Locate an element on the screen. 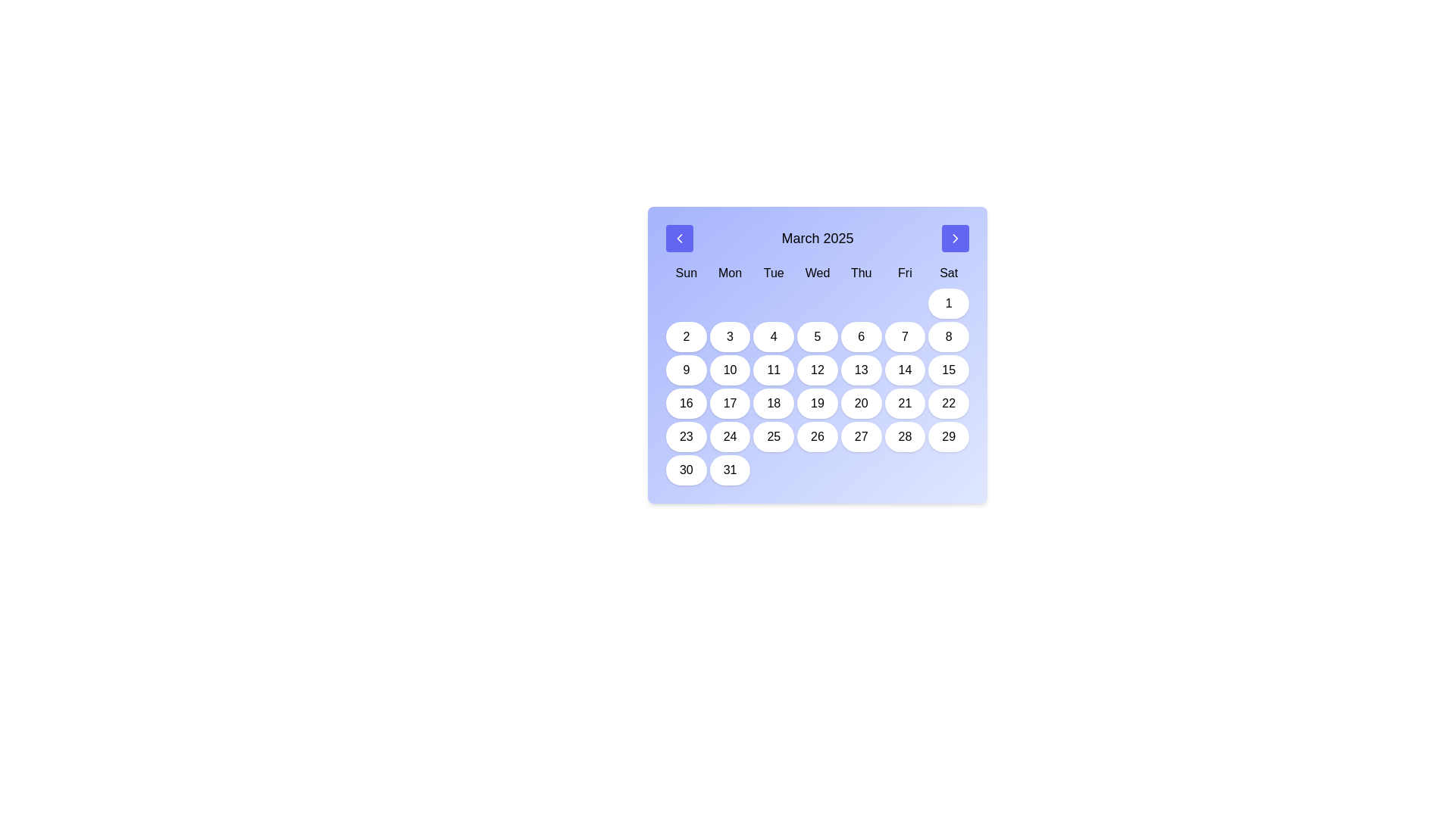 This screenshot has height=818, width=1455. the circular button with the number '11' in bold black text, which changes to an indigo background upon hover is located at coordinates (774, 370).